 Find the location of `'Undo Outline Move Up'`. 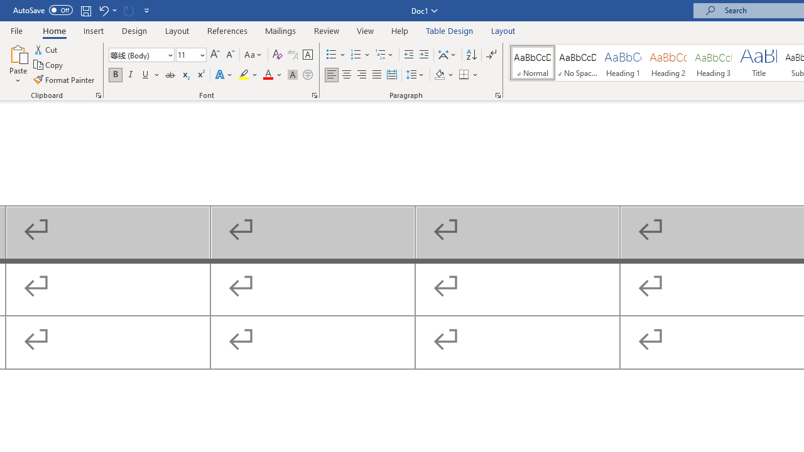

'Undo Outline Move Up' is located at coordinates (107, 10).